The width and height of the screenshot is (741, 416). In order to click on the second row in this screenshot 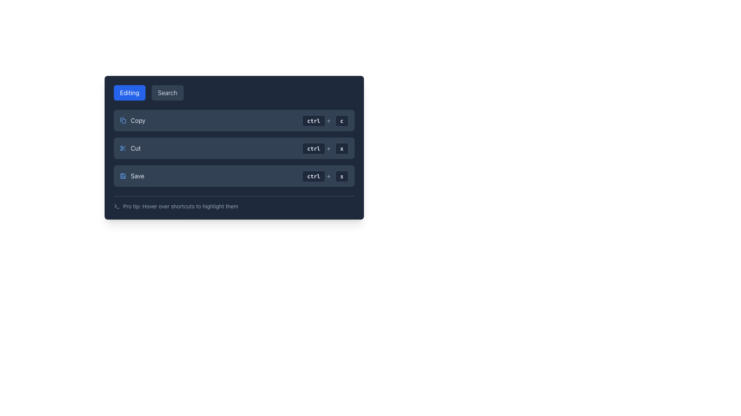, I will do `click(233, 148)`.